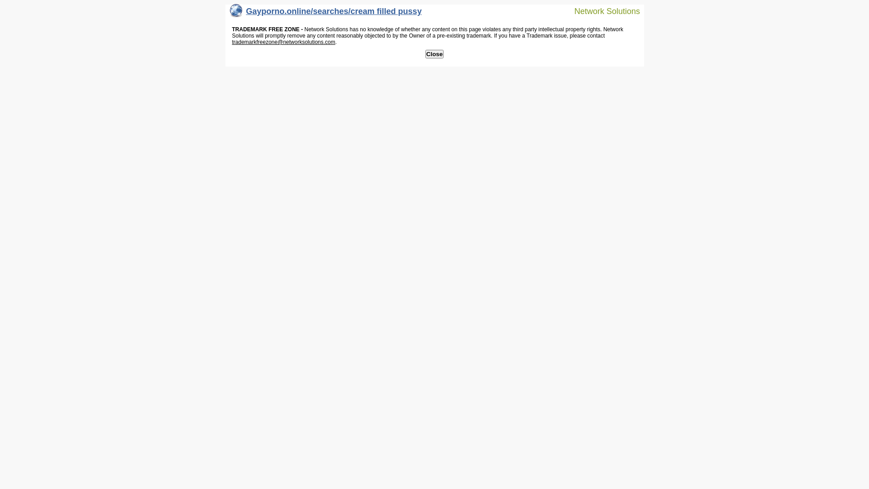  I want to click on 'Gayporno.online/searches/cream filled pussy', so click(326, 13).